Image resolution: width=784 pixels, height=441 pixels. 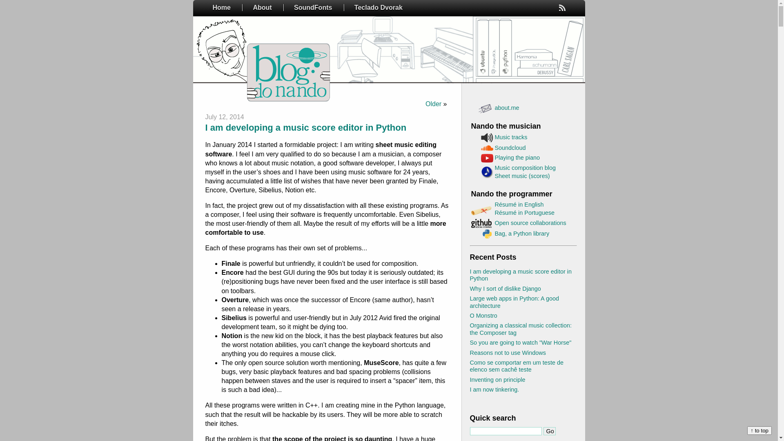 I want to click on 'Inventing on principle', so click(x=497, y=379).